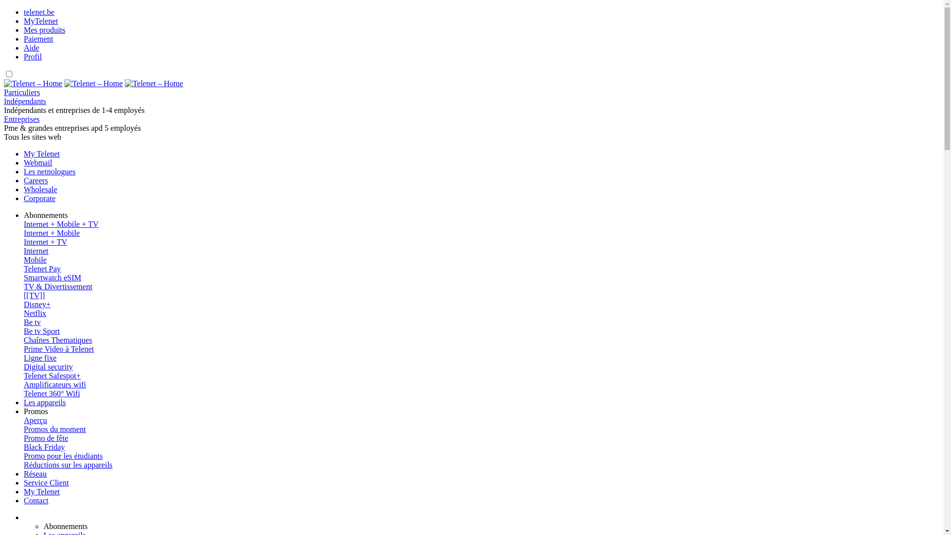 The image size is (951, 535). I want to click on 'Profil', so click(33, 56).